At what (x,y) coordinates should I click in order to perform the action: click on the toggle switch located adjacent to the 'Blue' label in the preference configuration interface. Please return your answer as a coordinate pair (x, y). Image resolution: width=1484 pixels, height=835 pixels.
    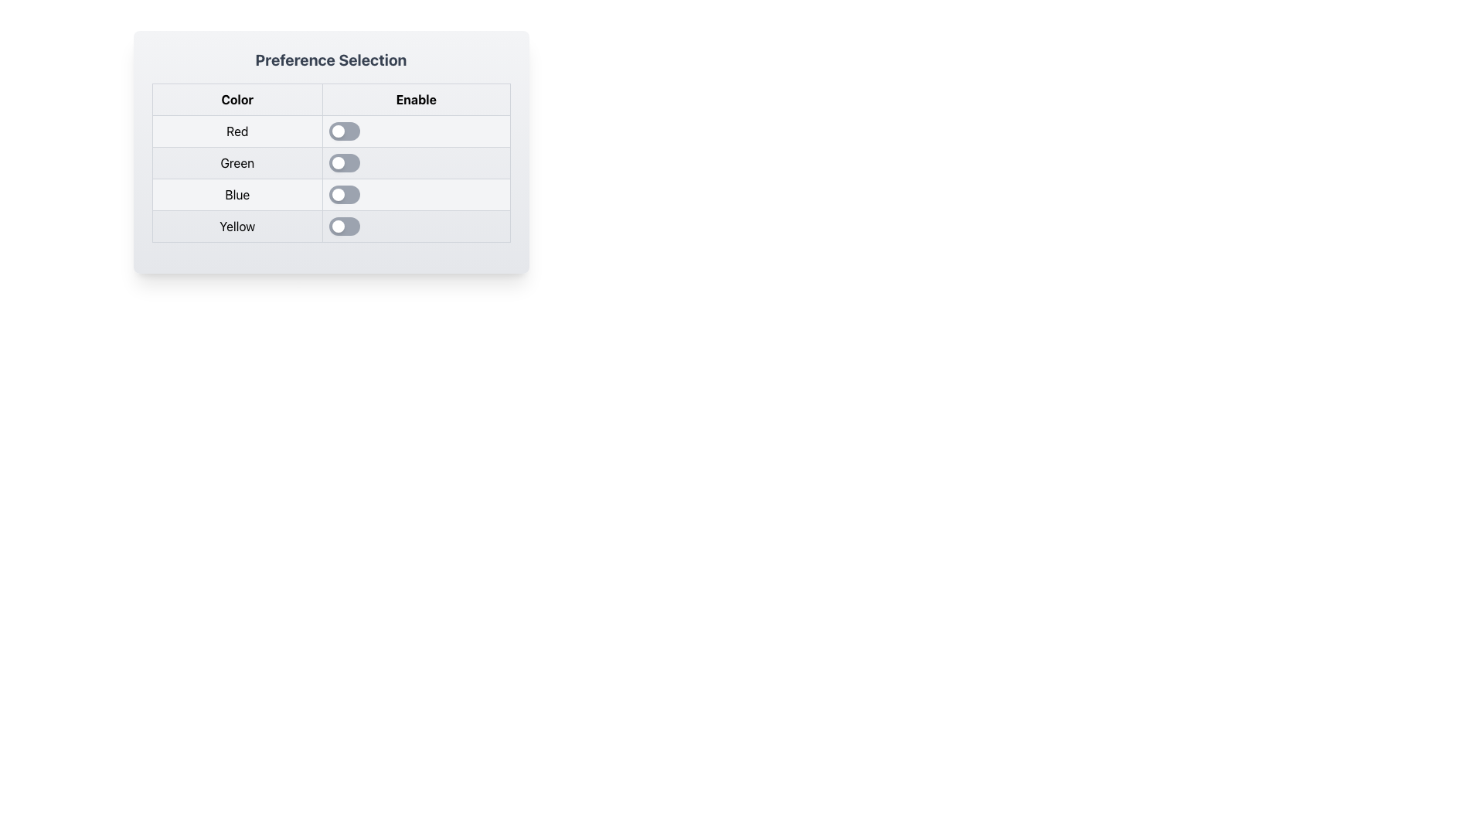
    Looking at the image, I should click on (330, 193).